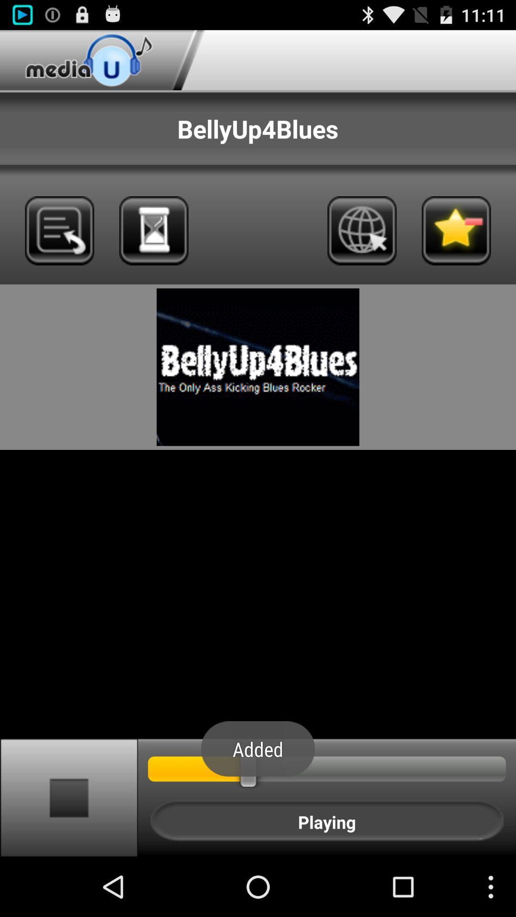 This screenshot has width=516, height=917. What do you see at coordinates (153, 231) in the screenshot?
I see `timer` at bounding box center [153, 231].